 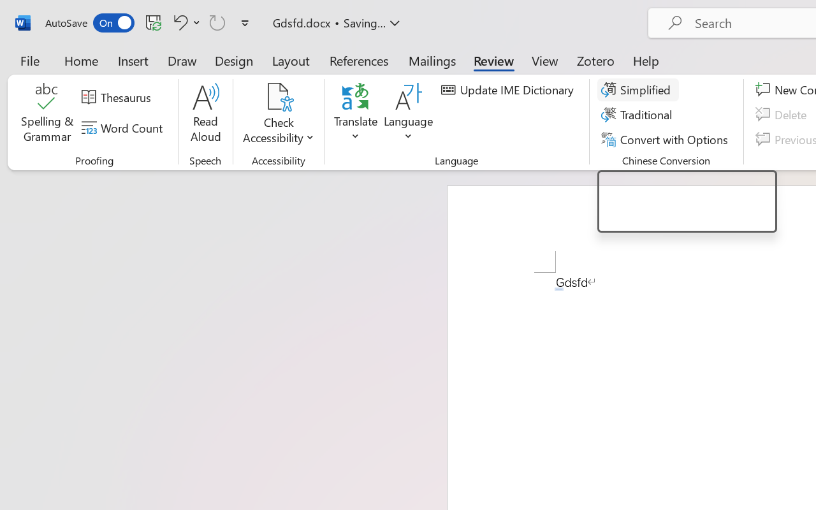 I want to click on 'Undo AutoCorrect', so click(x=184, y=22).